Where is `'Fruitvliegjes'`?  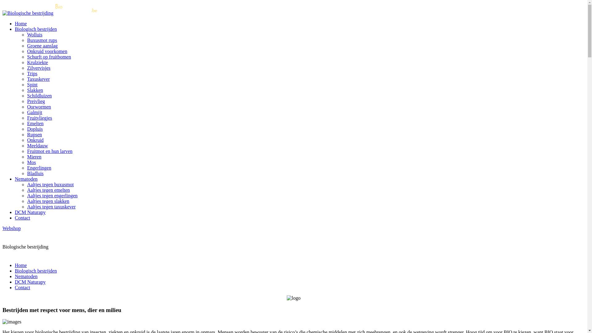 'Fruitvliegjes' is located at coordinates (39, 118).